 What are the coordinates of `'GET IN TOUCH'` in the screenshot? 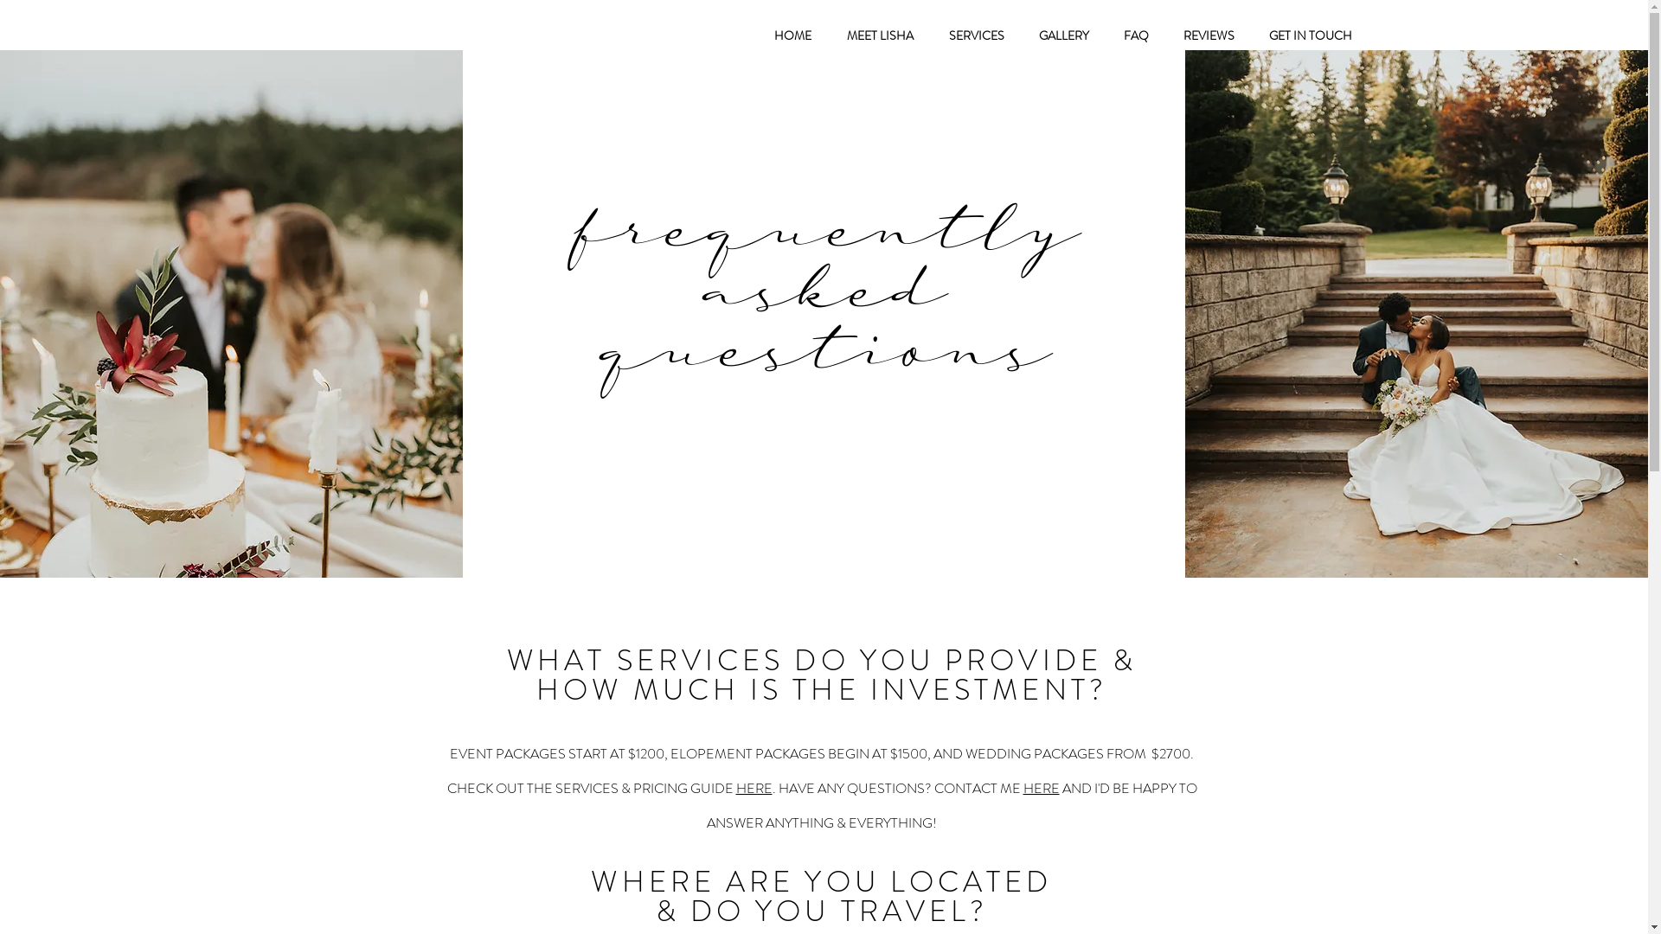 It's located at (1309, 35).